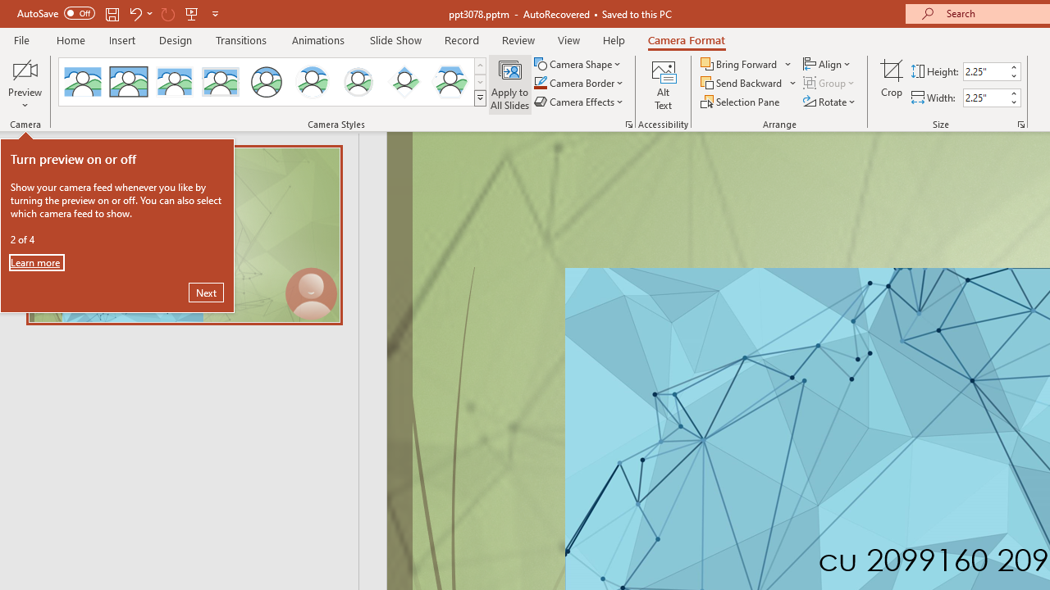  I want to click on 'Learn more', so click(36, 261).